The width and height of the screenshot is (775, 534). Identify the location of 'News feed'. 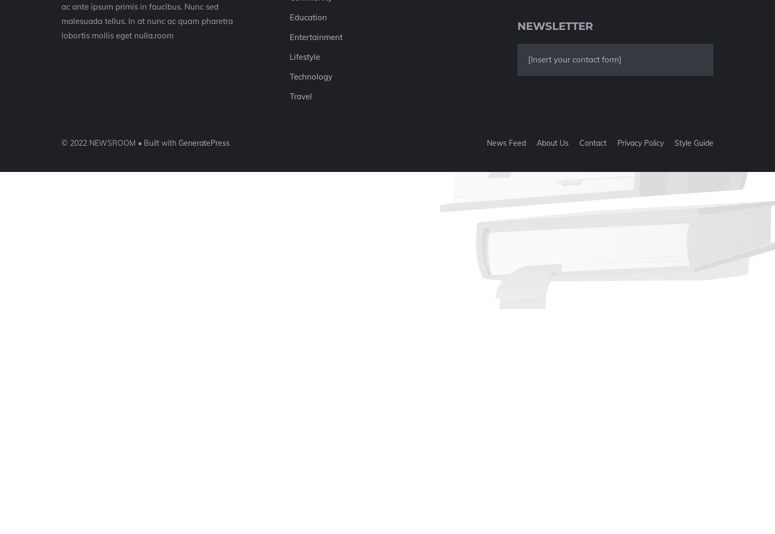
(506, 143).